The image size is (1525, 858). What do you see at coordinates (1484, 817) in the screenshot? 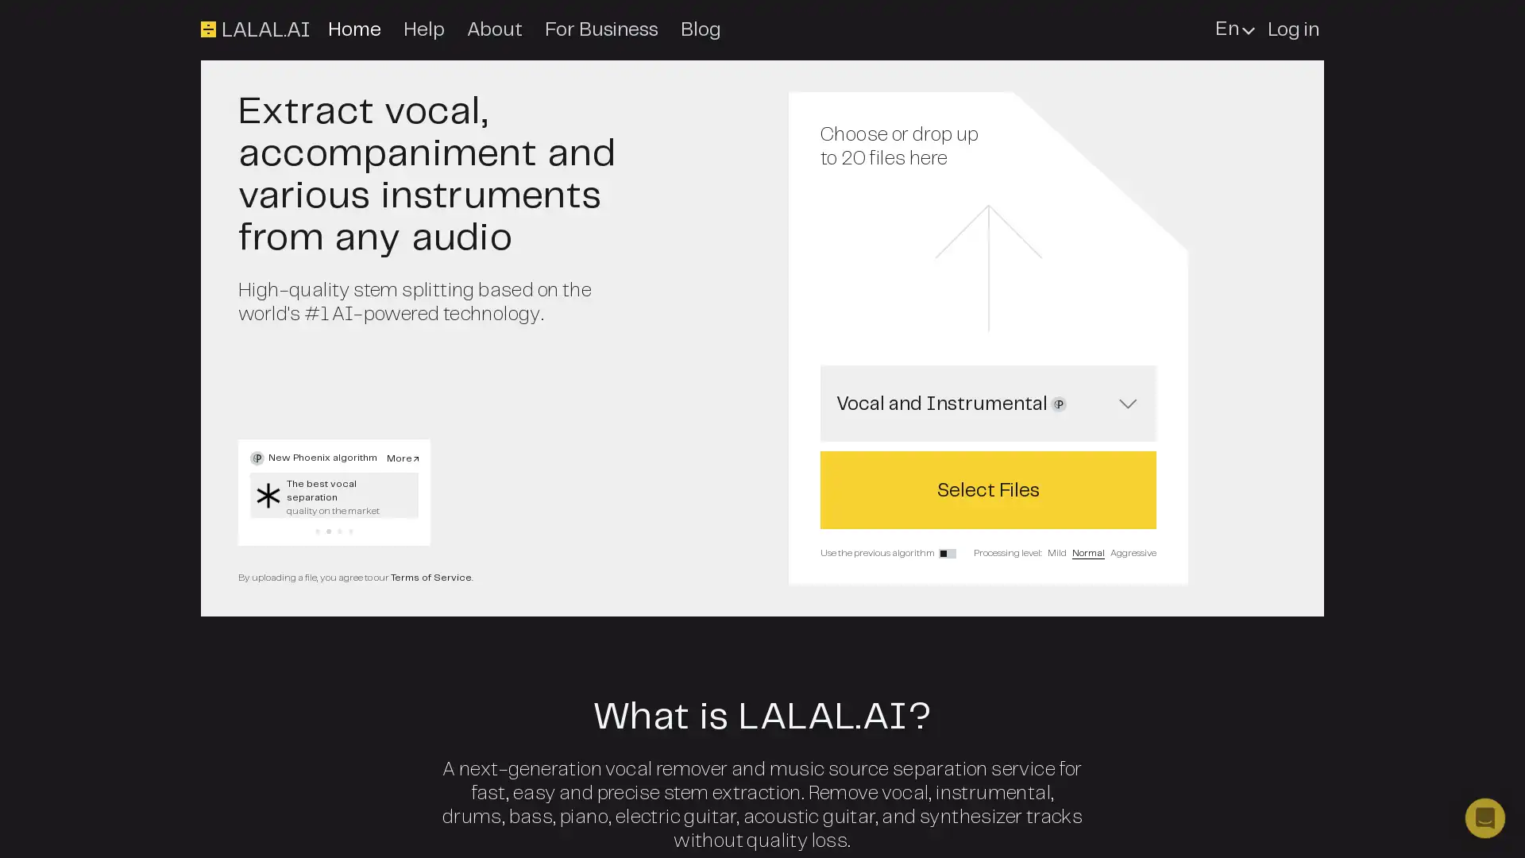
I see `Open Intercom Messenger` at bounding box center [1484, 817].